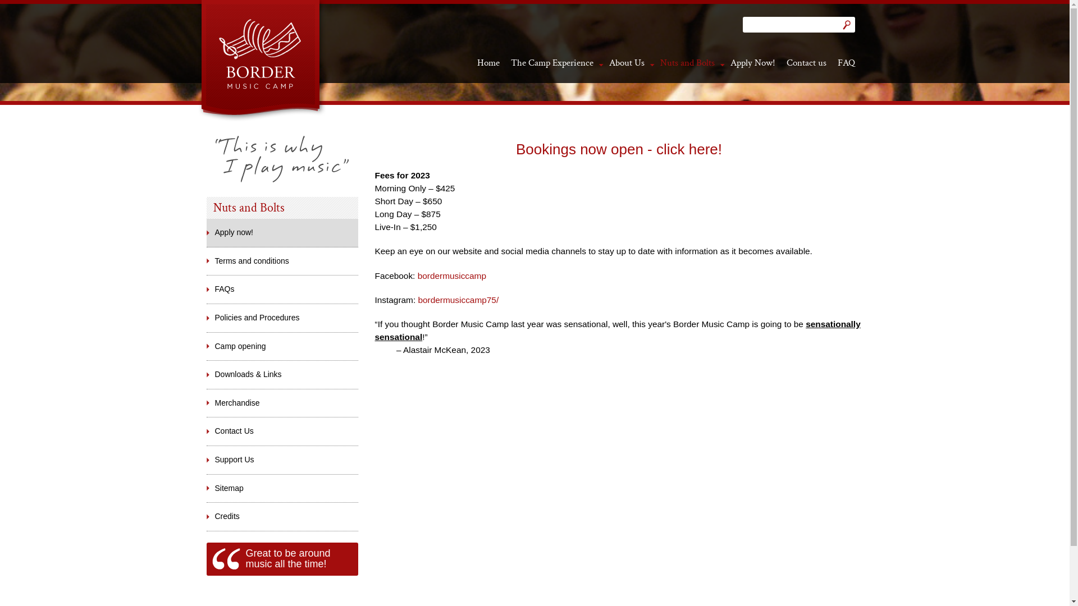  What do you see at coordinates (625, 62) in the screenshot?
I see `'About Us'` at bounding box center [625, 62].